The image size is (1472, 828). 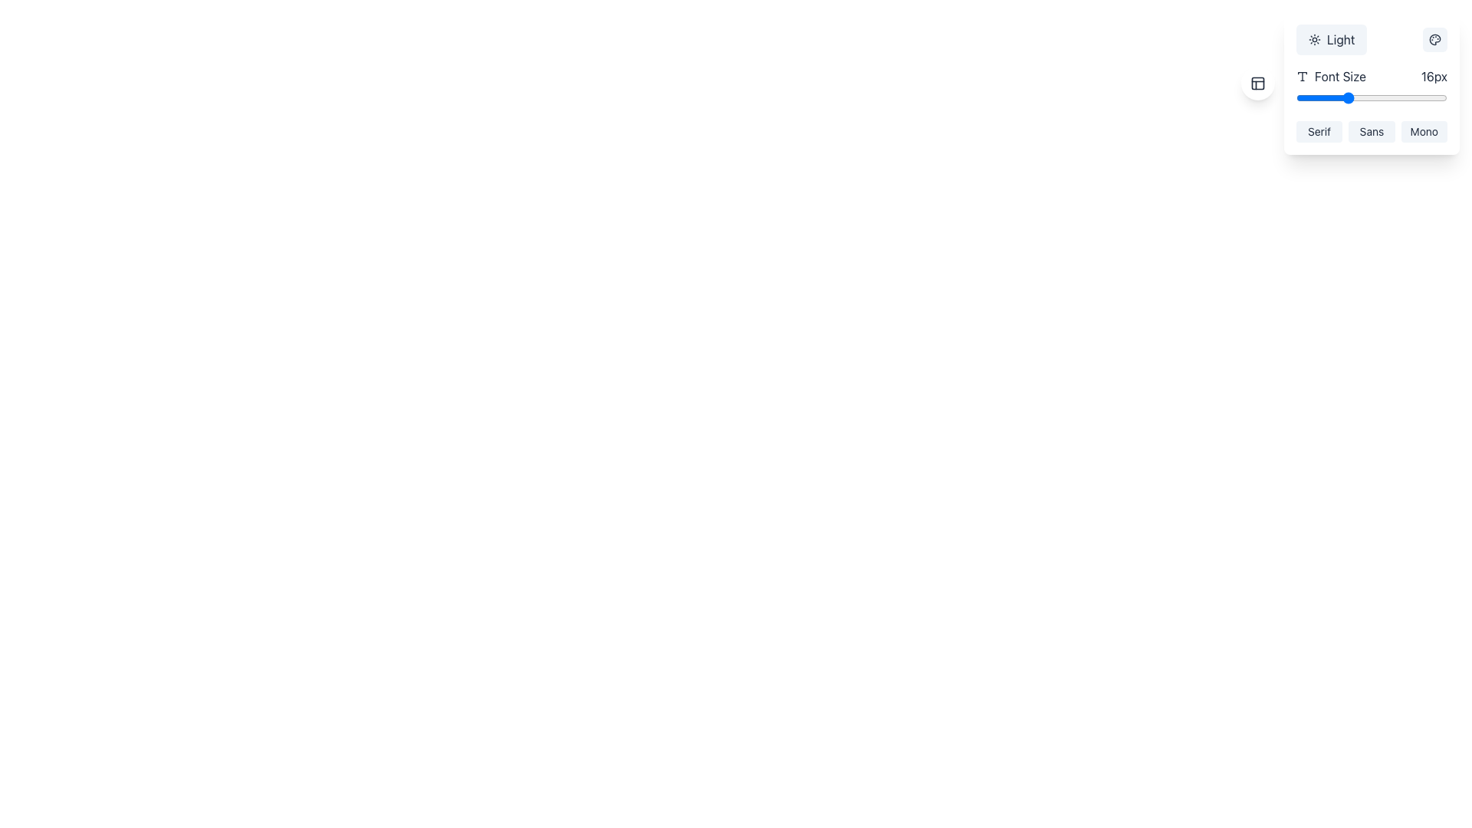 What do you see at coordinates (1409, 97) in the screenshot?
I see `the font size` at bounding box center [1409, 97].